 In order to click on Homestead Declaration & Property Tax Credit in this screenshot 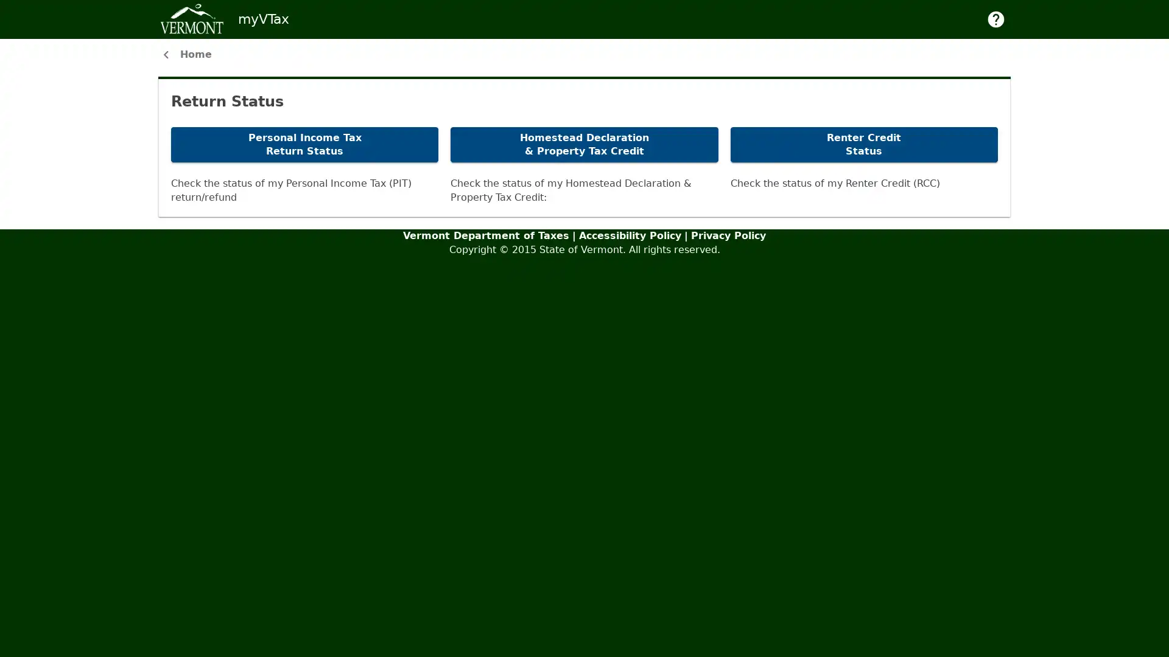, I will do `click(583, 144)`.